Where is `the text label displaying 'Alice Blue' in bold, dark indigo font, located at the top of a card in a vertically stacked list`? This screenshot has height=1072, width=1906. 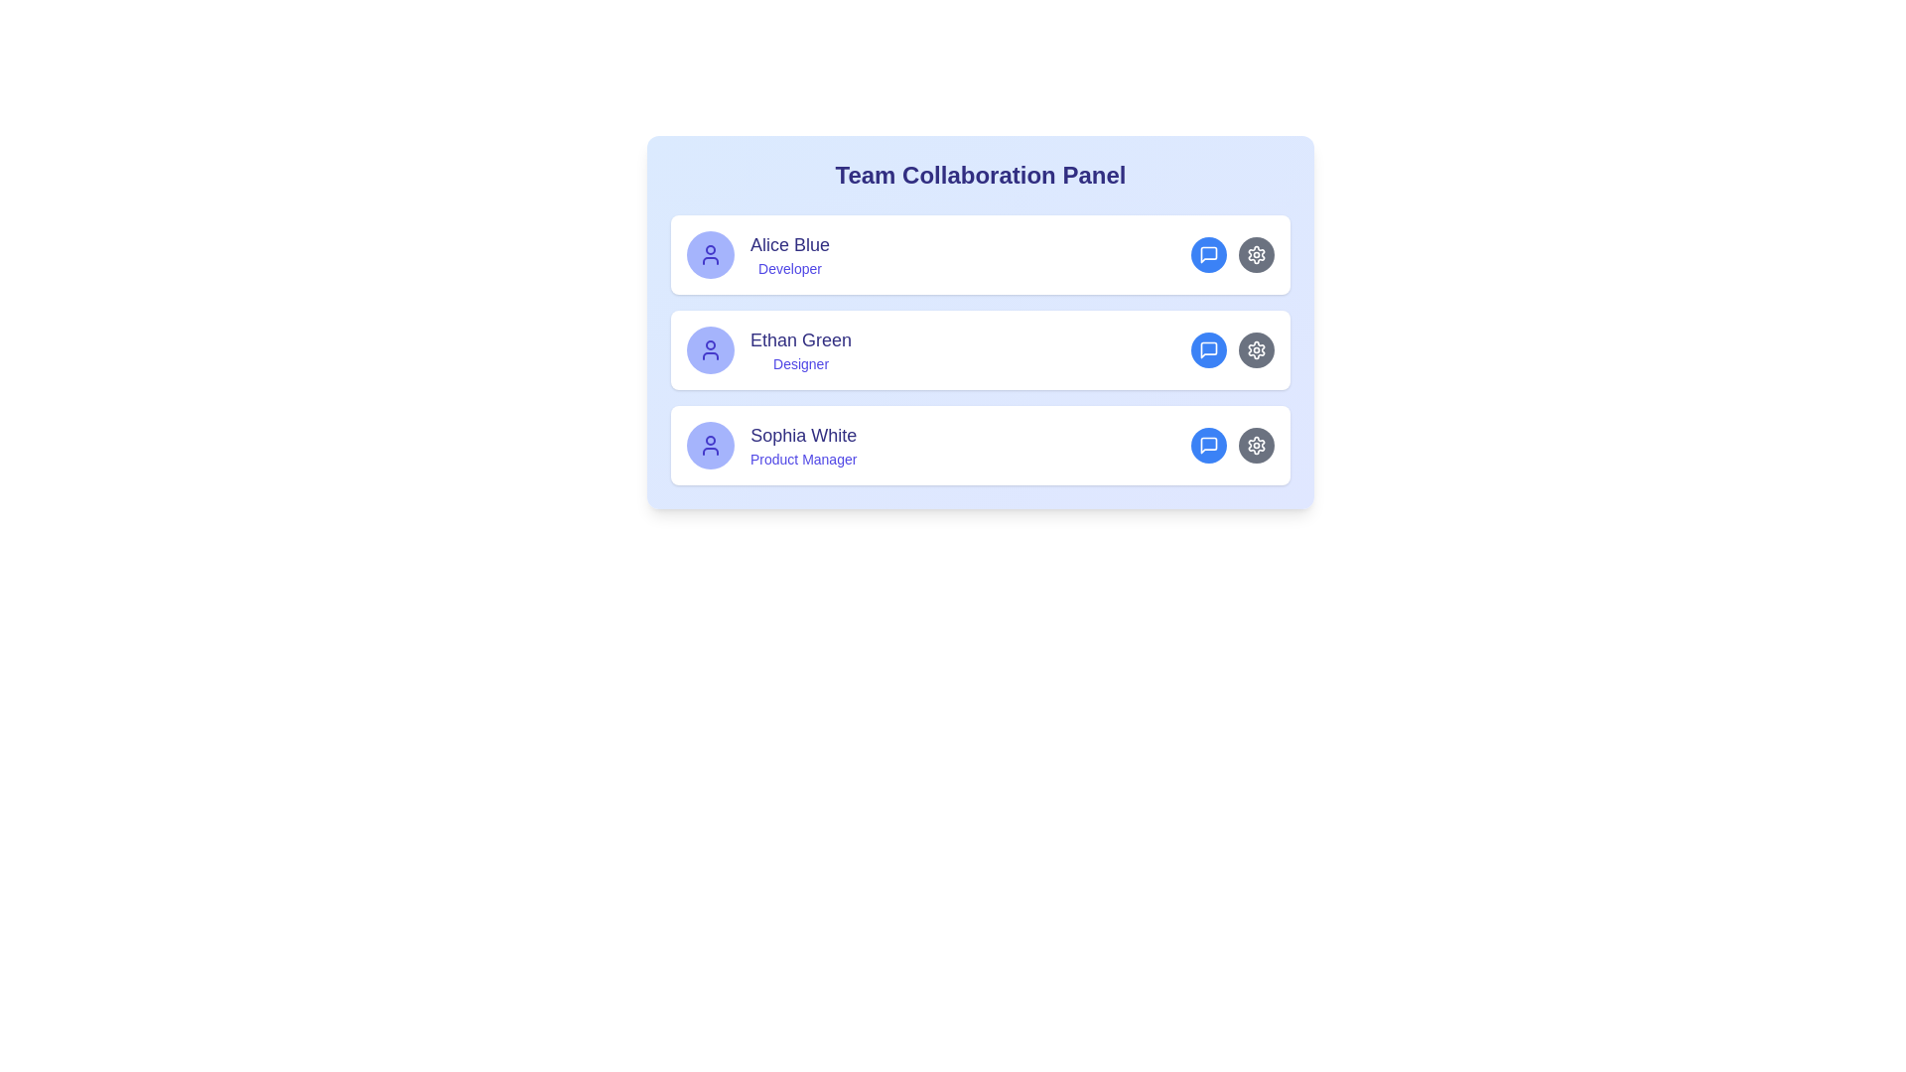
the text label displaying 'Alice Blue' in bold, dark indigo font, located at the top of a card in a vertically stacked list is located at coordinates (789, 243).